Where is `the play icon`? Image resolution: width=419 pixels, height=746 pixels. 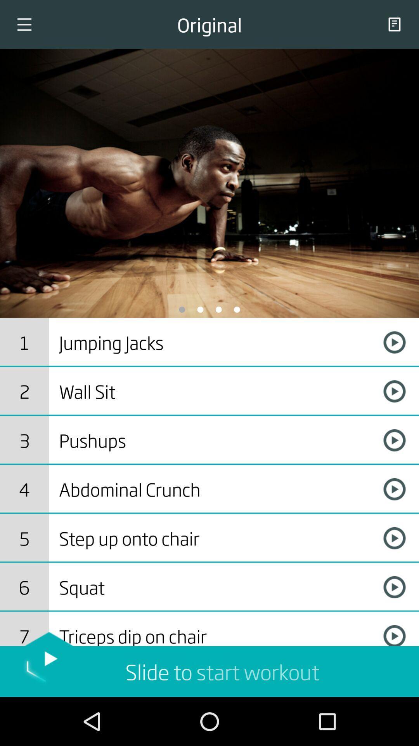
the play icon is located at coordinates (395, 391).